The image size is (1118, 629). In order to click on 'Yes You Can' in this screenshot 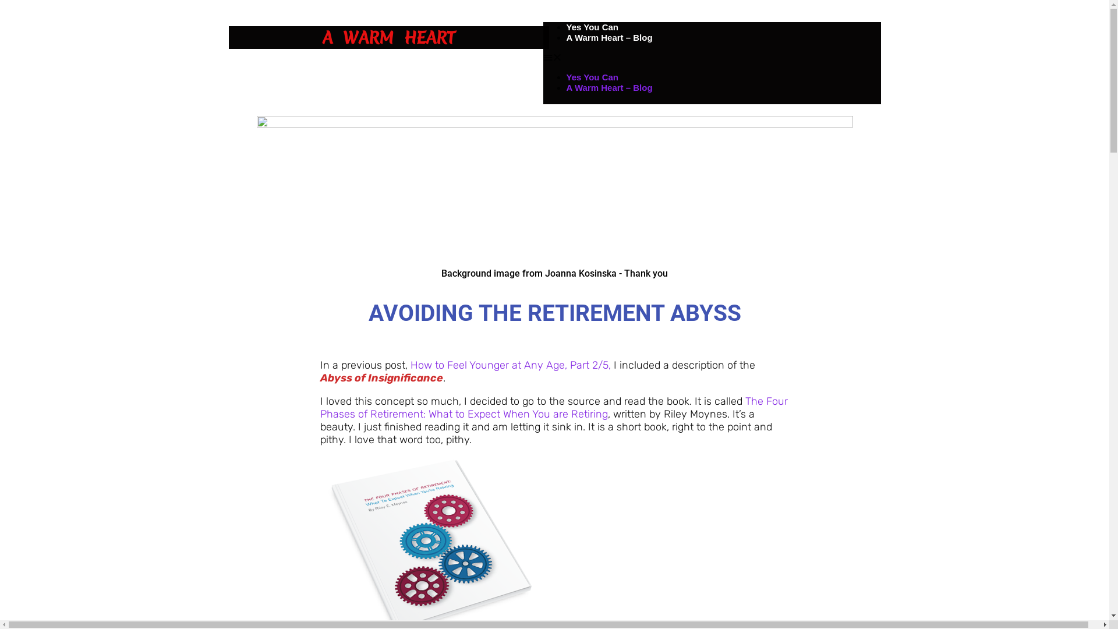, I will do `click(592, 26)`.